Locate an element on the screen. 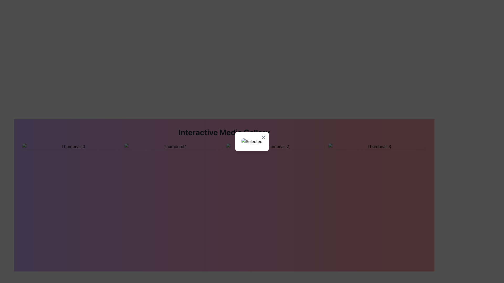  the second thumbnail in a horizontally aligned grid is located at coordinates (173, 146).